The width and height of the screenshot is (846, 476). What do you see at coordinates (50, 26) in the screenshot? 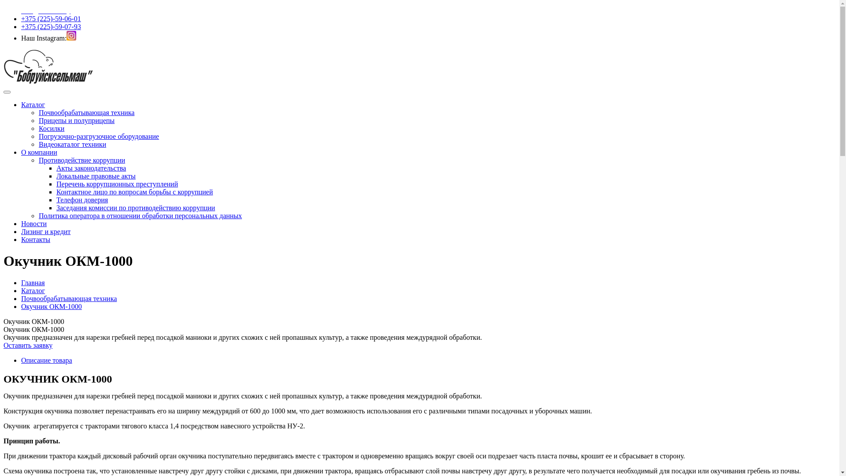
I see `'+375 (225)-59-07-93'` at bounding box center [50, 26].